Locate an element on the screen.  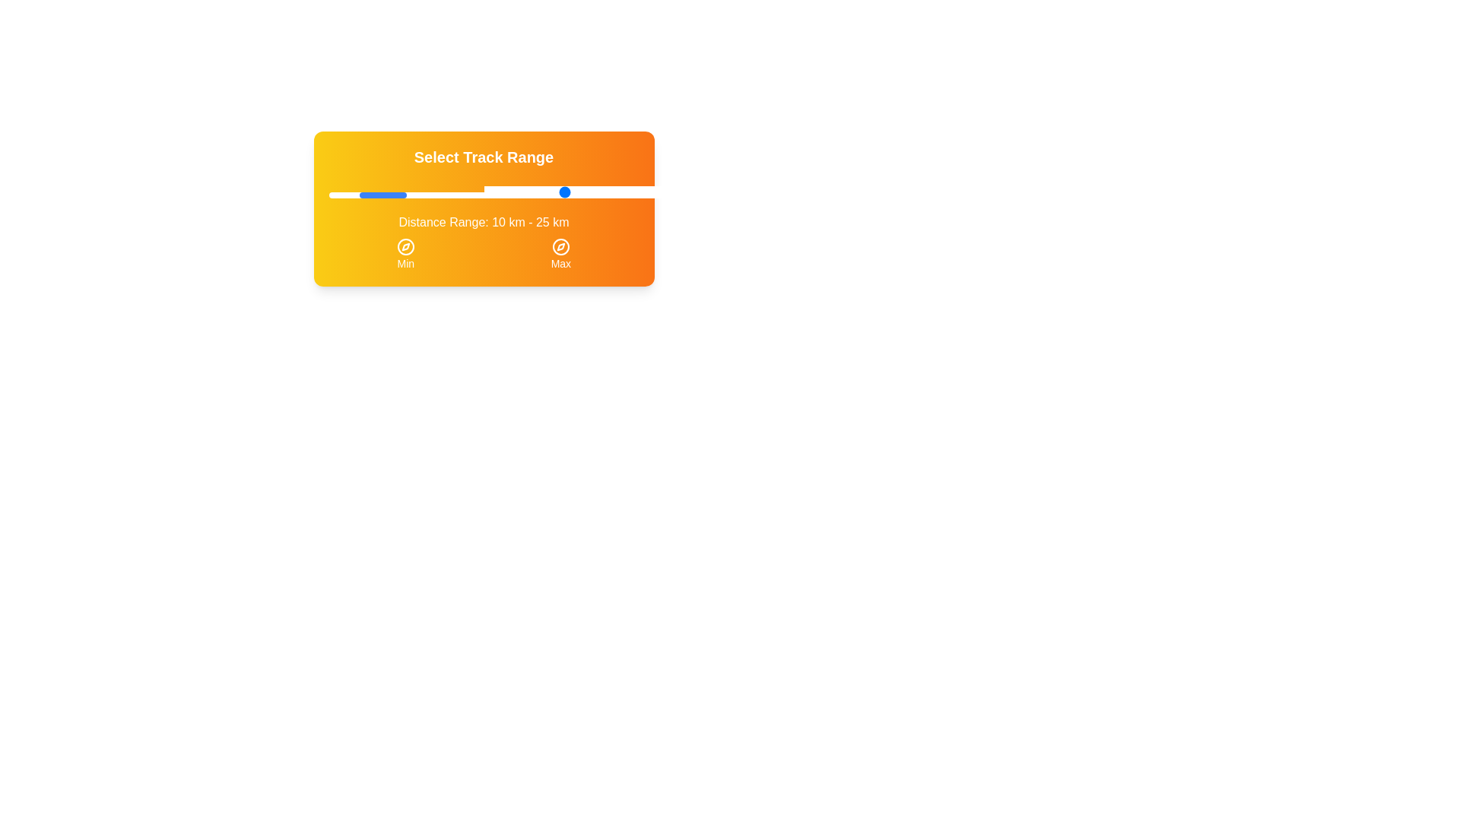
the range slider's value is located at coordinates (530, 195).